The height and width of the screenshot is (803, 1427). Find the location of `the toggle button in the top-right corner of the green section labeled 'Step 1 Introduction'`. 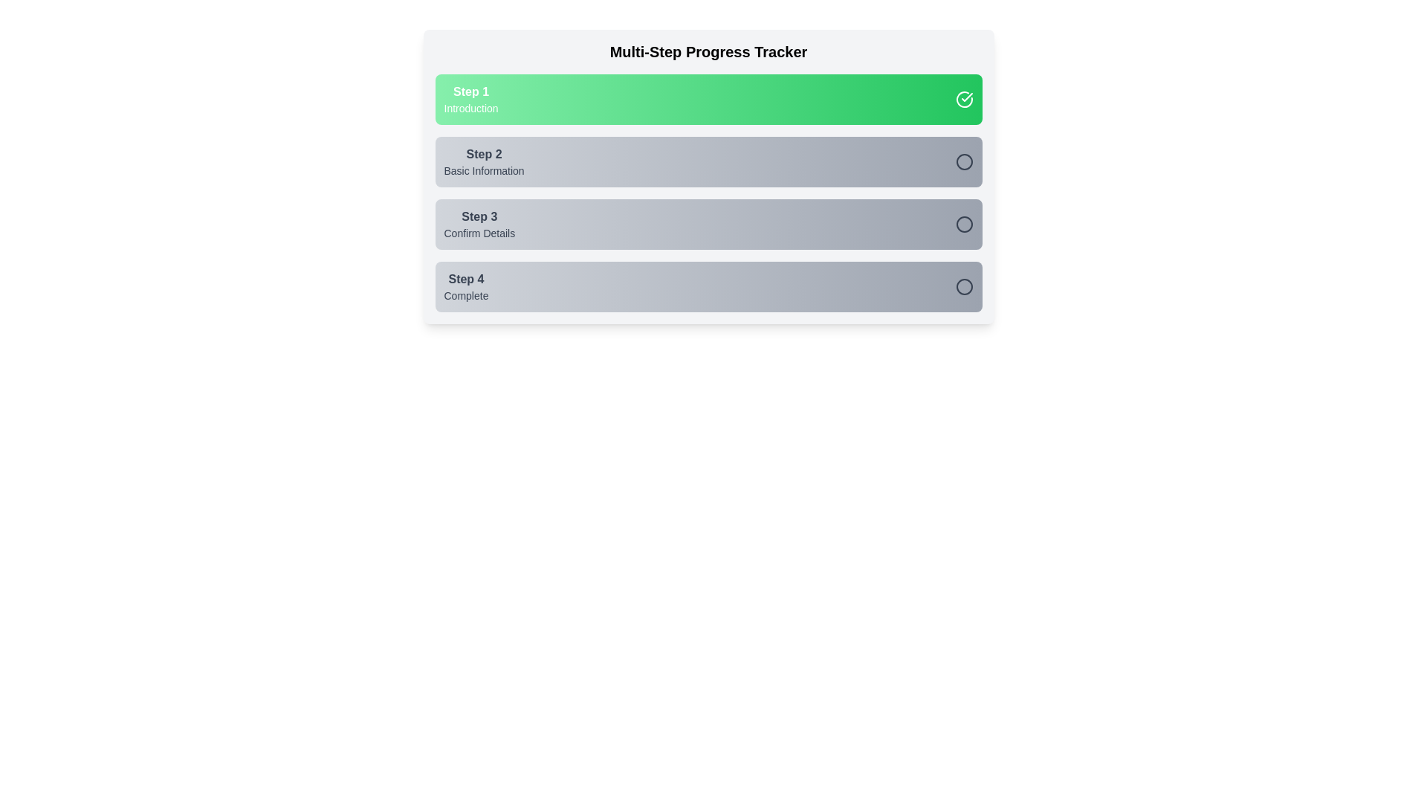

the toggle button in the top-right corner of the green section labeled 'Step 1 Introduction' is located at coordinates (964, 100).